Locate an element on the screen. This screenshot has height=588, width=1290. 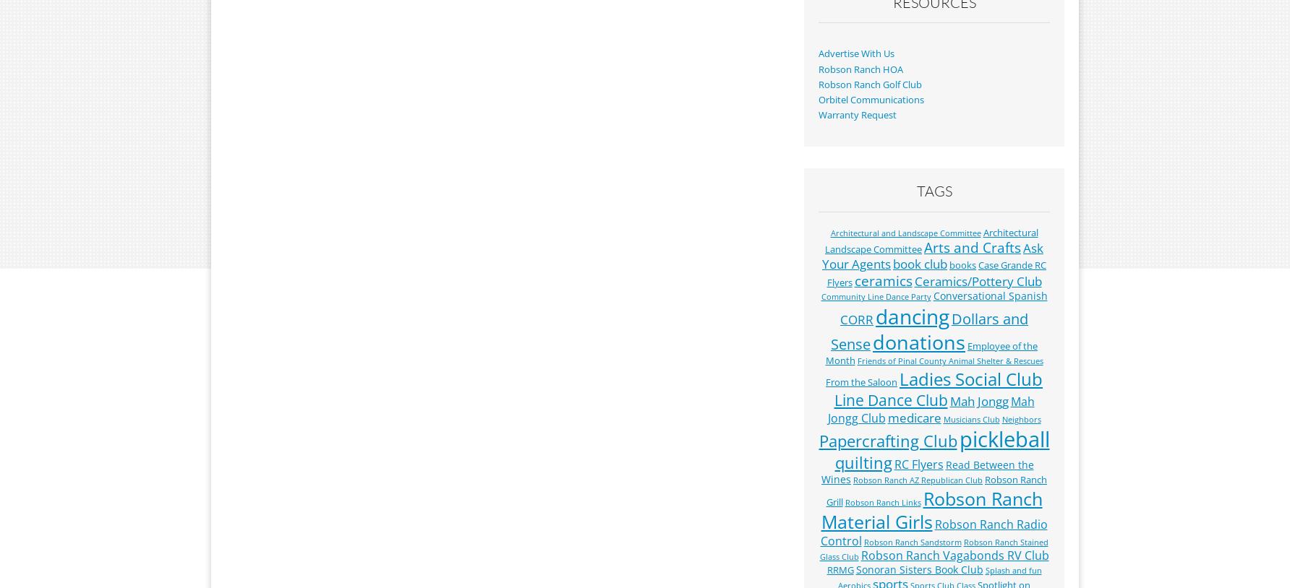
'Ask Your Agents' is located at coordinates (932, 256).